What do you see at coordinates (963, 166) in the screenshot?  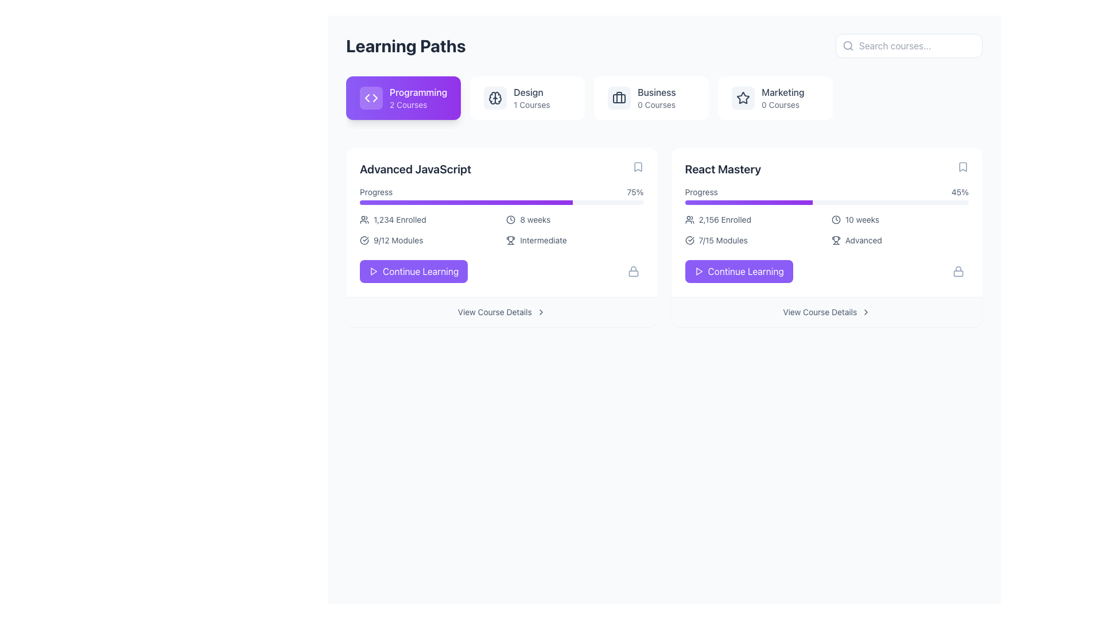 I see `the bookmark icon, which is styled as a minimalistic outlined glyph resembling an open book, located prominently in the top-right corner of the 'React Mastery' course panel, near the displayed progress percentage of 45%` at bounding box center [963, 166].